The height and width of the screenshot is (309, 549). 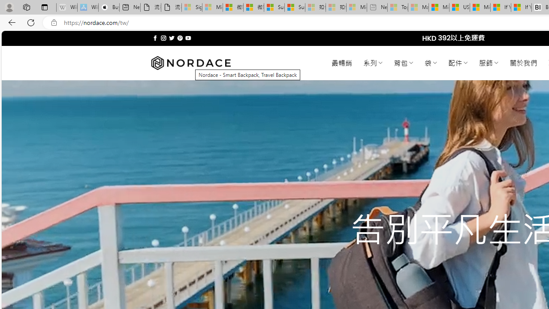 What do you see at coordinates (188, 38) in the screenshot?
I see `'Follow on YouTube'` at bounding box center [188, 38].